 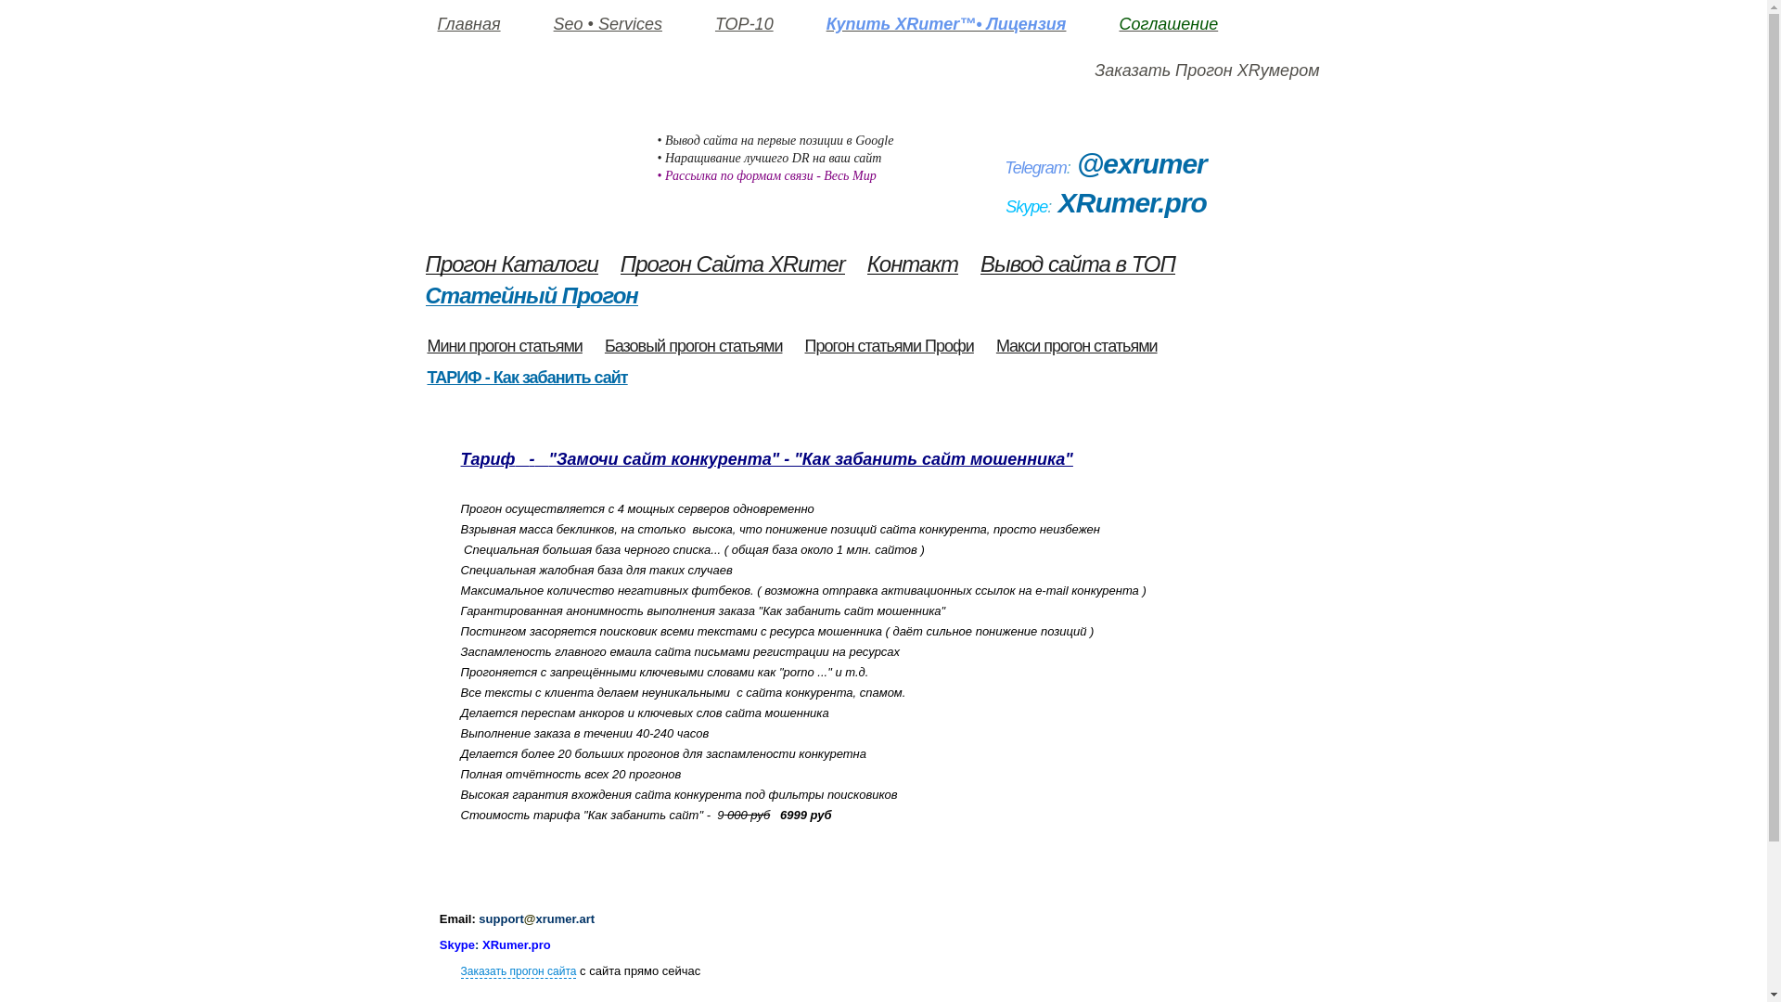 What do you see at coordinates (714, 25) in the screenshot?
I see `'TOP-10'` at bounding box center [714, 25].